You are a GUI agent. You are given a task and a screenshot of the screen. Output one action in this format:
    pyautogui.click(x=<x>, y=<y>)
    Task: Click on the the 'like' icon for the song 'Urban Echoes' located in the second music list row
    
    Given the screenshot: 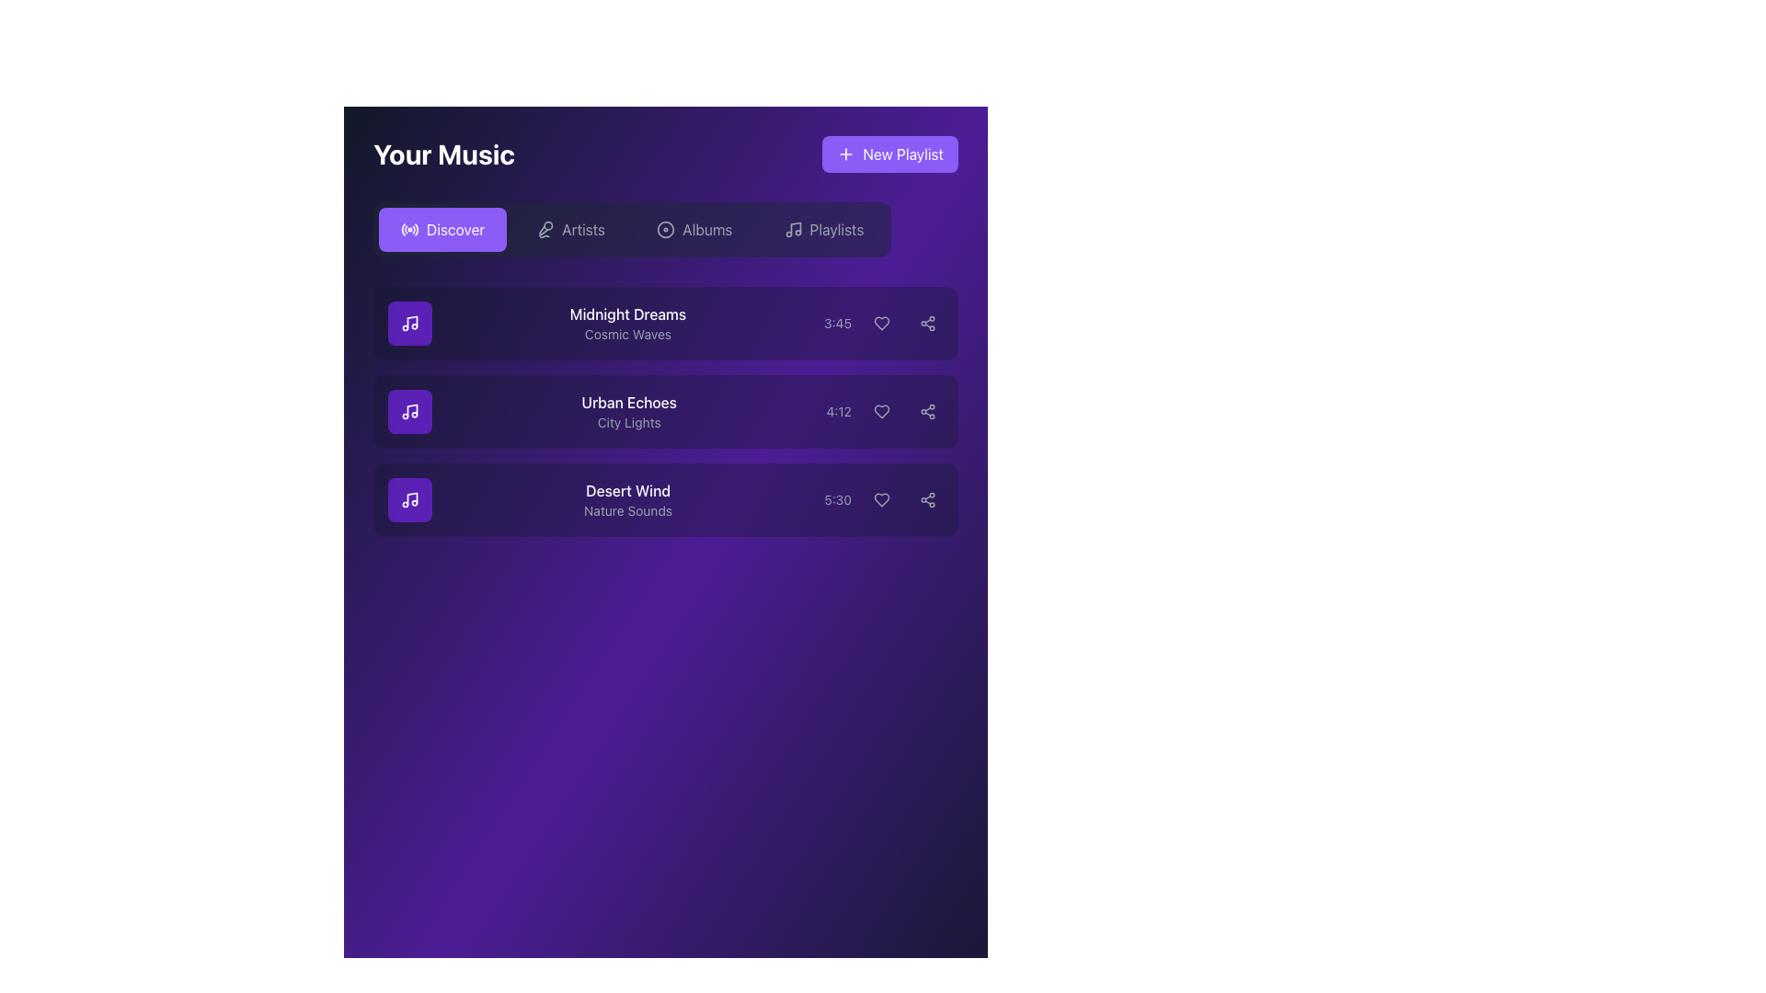 What is the action you would take?
    pyautogui.click(x=881, y=410)
    